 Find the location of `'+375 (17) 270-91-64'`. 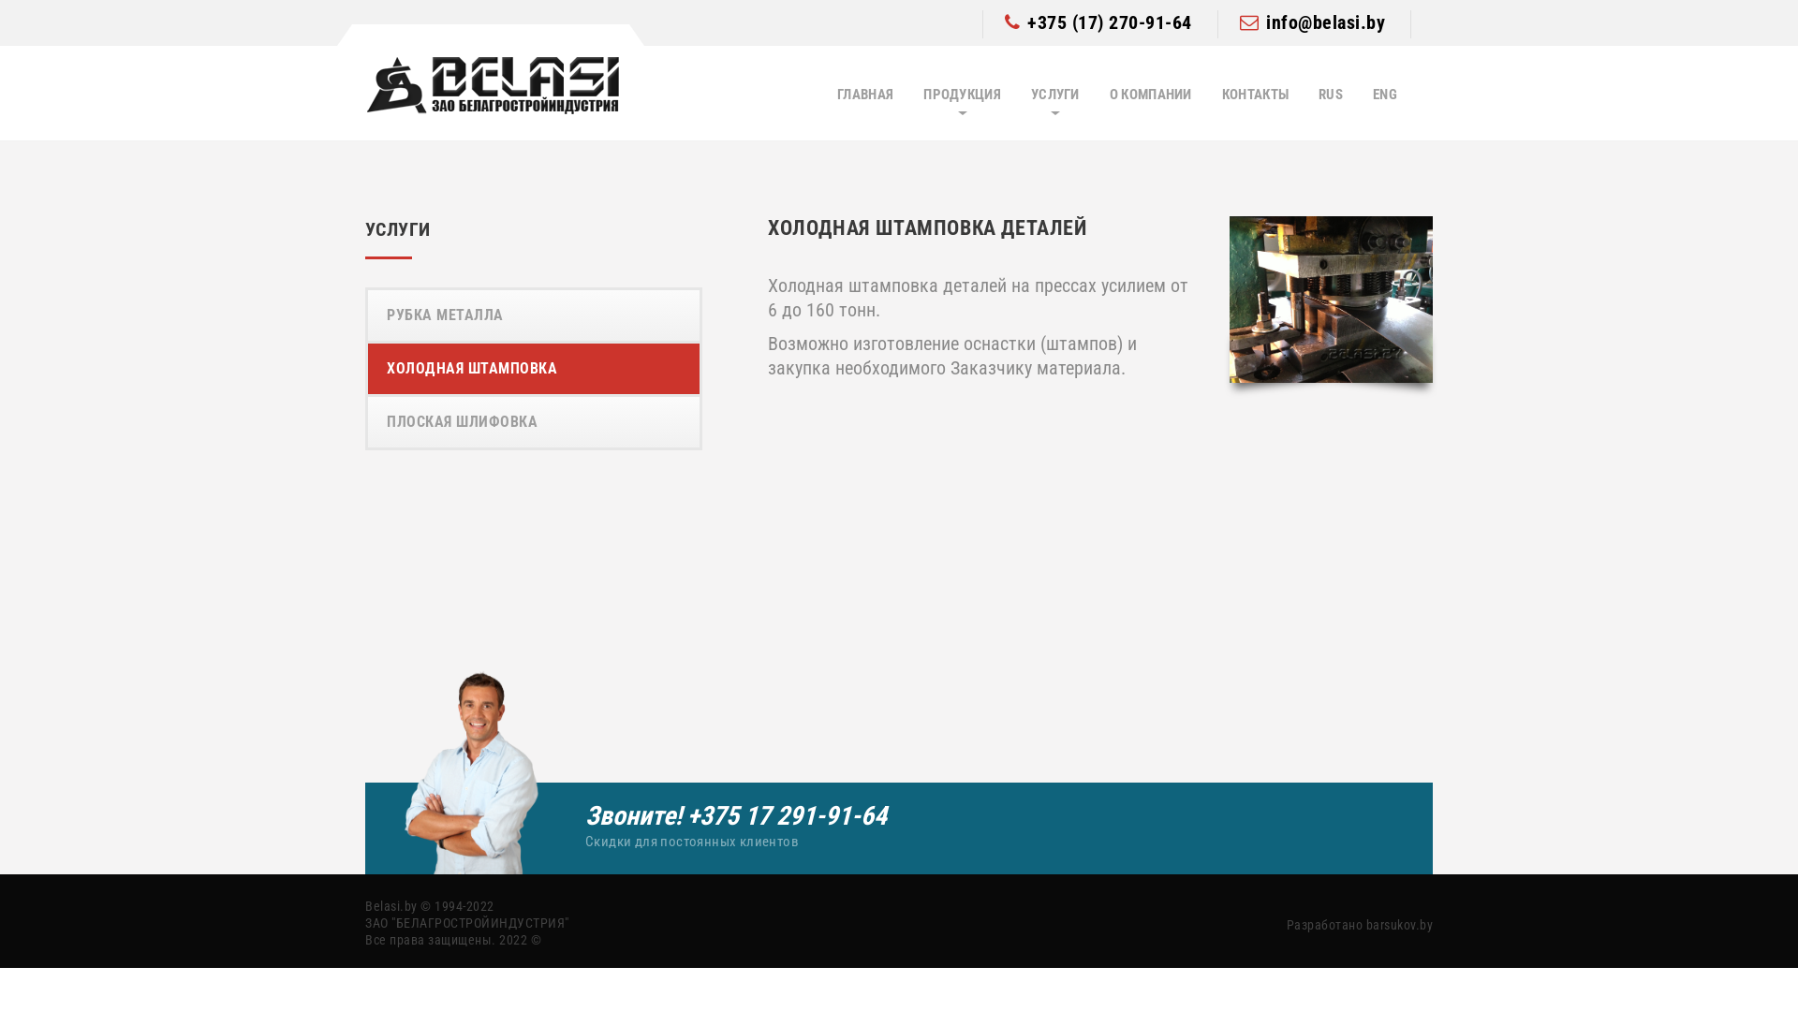

'+375 (17) 270-91-64' is located at coordinates (1097, 22).